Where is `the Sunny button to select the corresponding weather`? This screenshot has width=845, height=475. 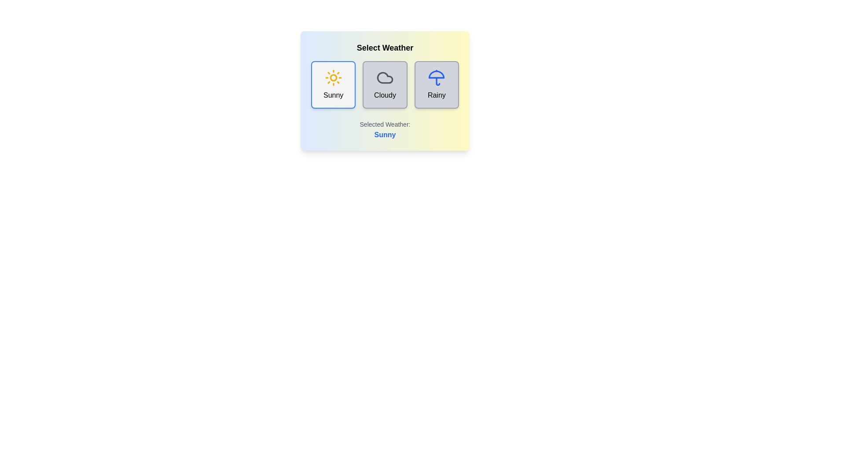
the Sunny button to select the corresponding weather is located at coordinates (333, 84).